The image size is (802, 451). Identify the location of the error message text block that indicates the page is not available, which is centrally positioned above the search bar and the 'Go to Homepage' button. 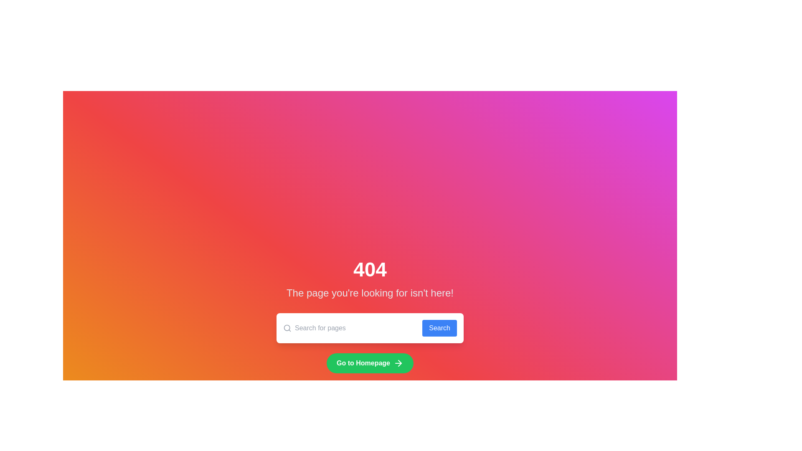
(370, 280).